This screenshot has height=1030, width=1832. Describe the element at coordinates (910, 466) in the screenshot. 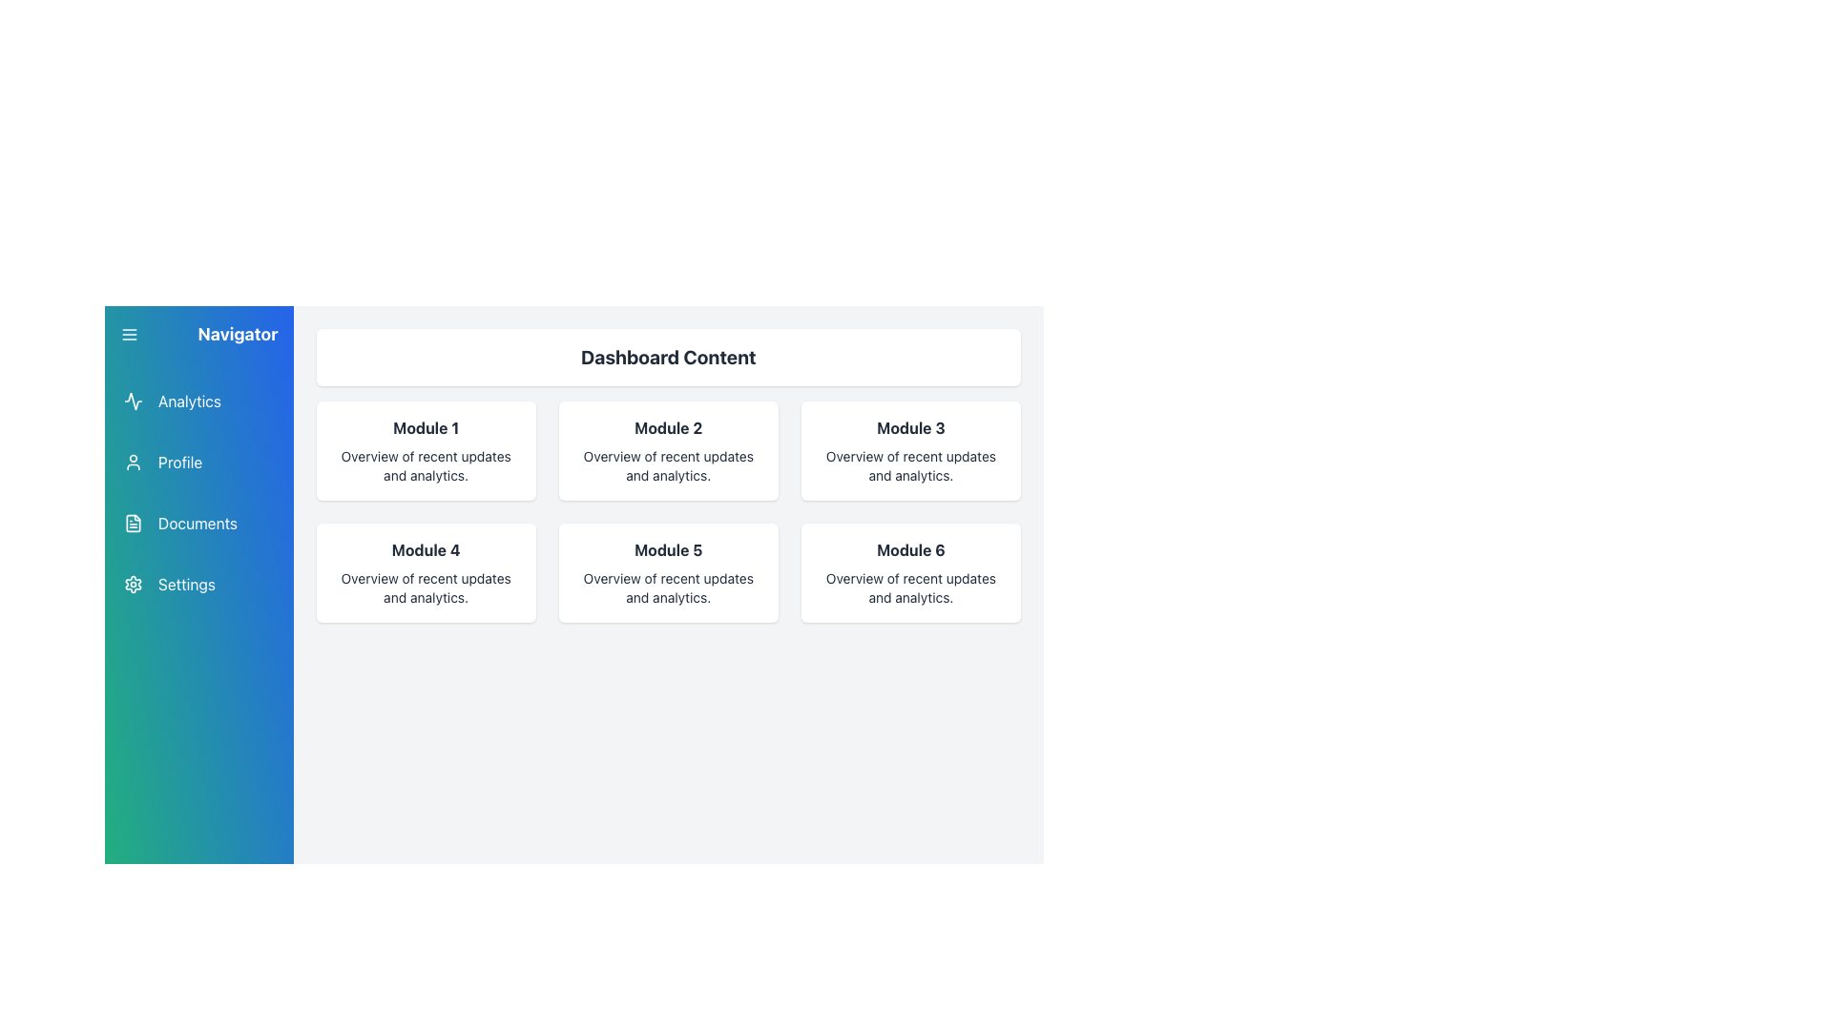

I see `the descriptive Text Label located below the bold header titled 'Module 3' in the top-right quadrant of the grid layout` at that location.